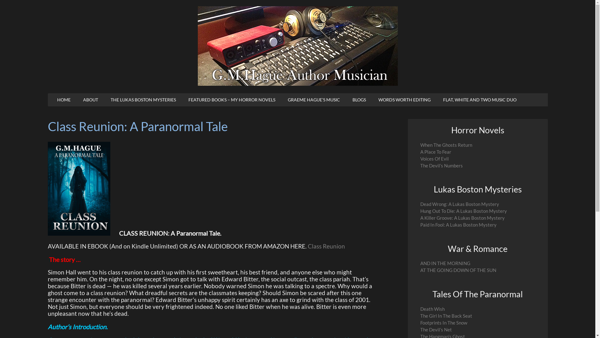 The image size is (600, 338). What do you see at coordinates (432, 309) in the screenshot?
I see `'Death Wish'` at bounding box center [432, 309].